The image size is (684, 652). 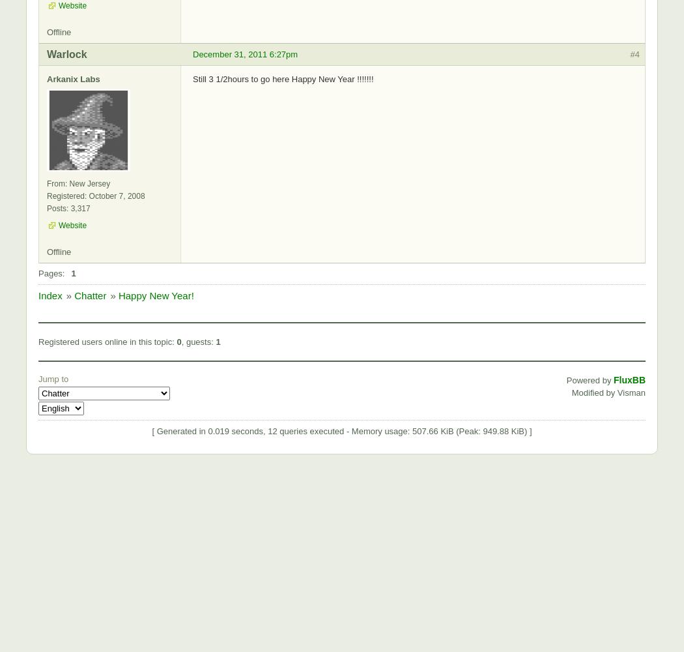 What do you see at coordinates (53, 378) in the screenshot?
I see `'Jump to'` at bounding box center [53, 378].